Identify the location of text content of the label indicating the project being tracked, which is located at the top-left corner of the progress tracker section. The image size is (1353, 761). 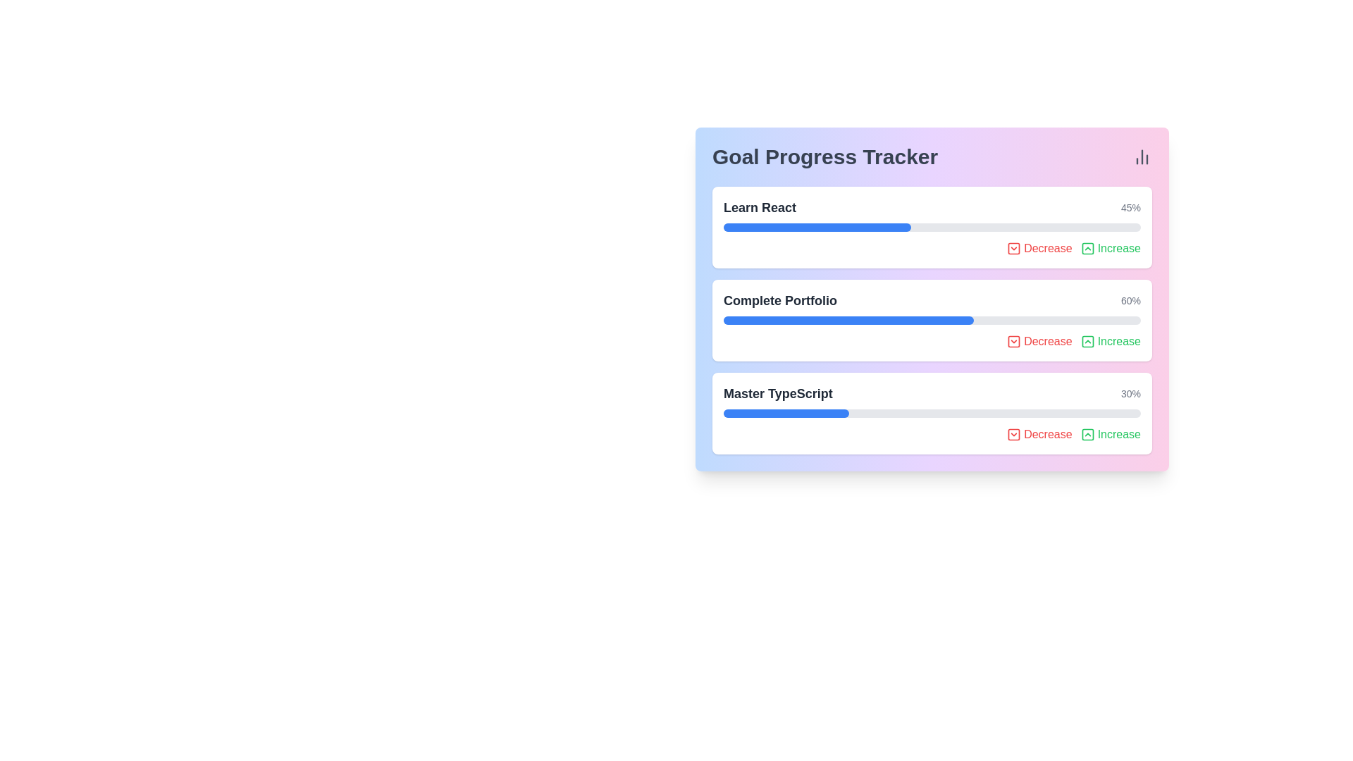
(759, 207).